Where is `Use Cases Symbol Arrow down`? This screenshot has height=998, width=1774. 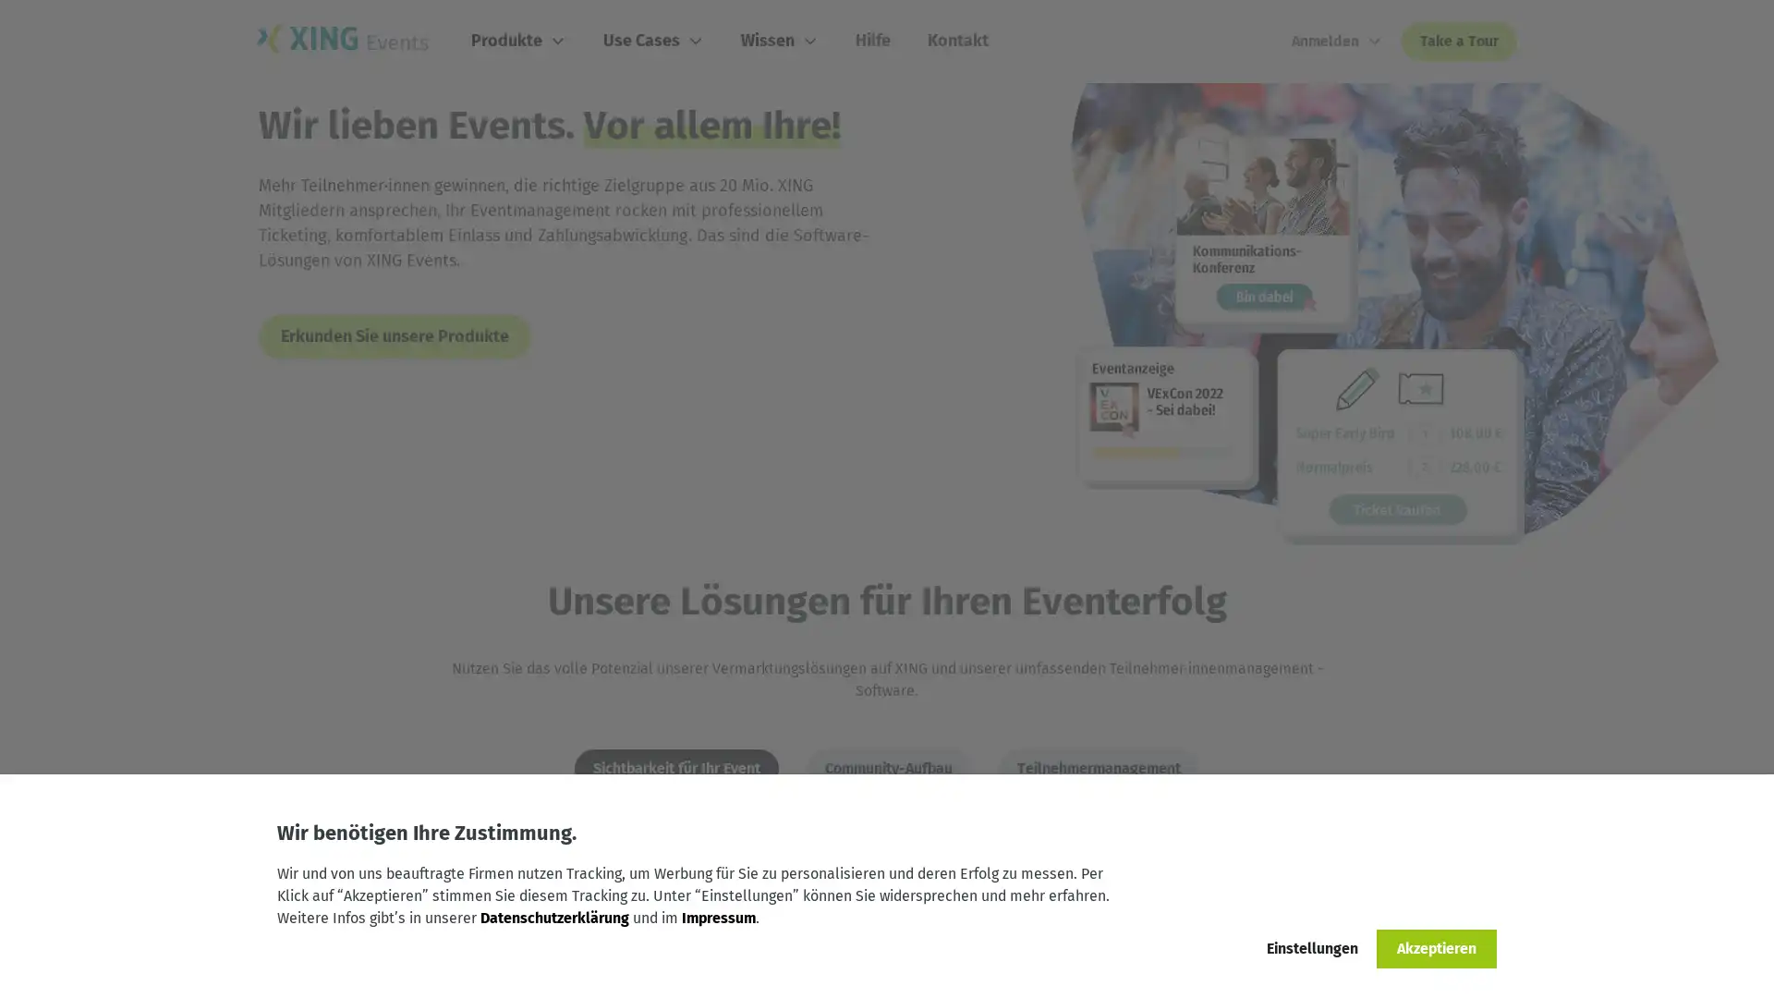
Use Cases Symbol Arrow down is located at coordinates (653, 41).